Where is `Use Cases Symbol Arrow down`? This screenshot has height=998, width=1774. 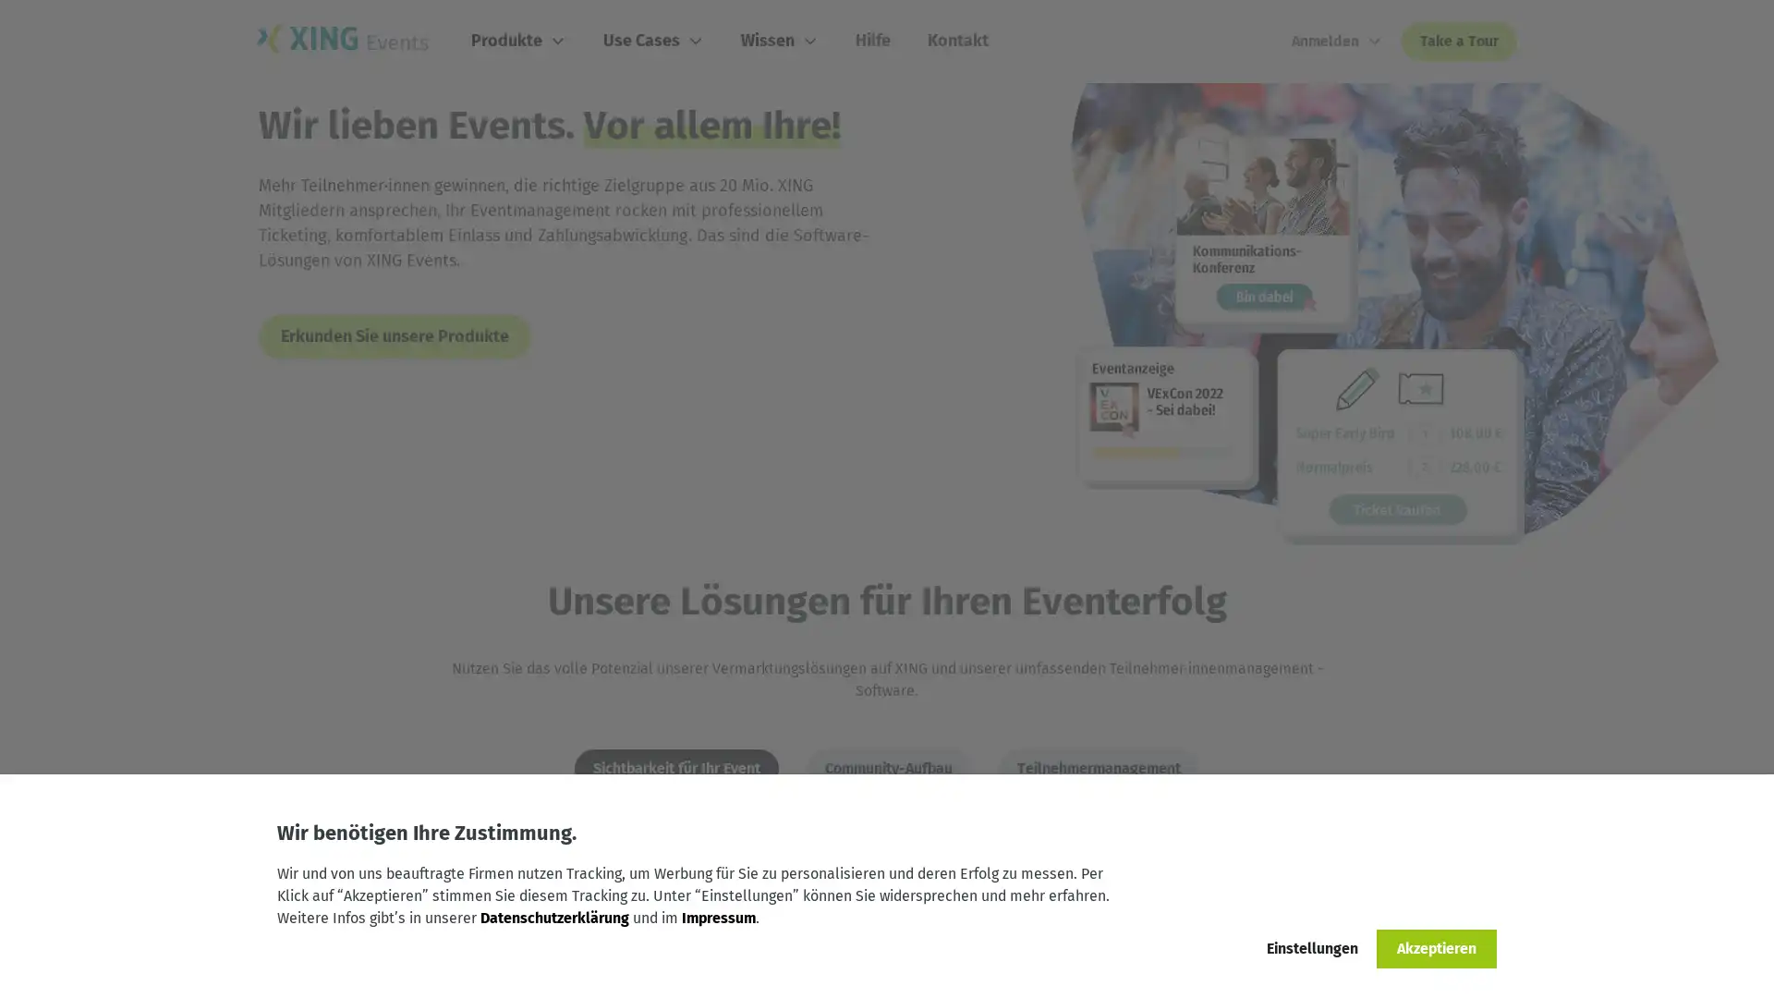
Use Cases Symbol Arrow down is located at coordinates (653, 41).